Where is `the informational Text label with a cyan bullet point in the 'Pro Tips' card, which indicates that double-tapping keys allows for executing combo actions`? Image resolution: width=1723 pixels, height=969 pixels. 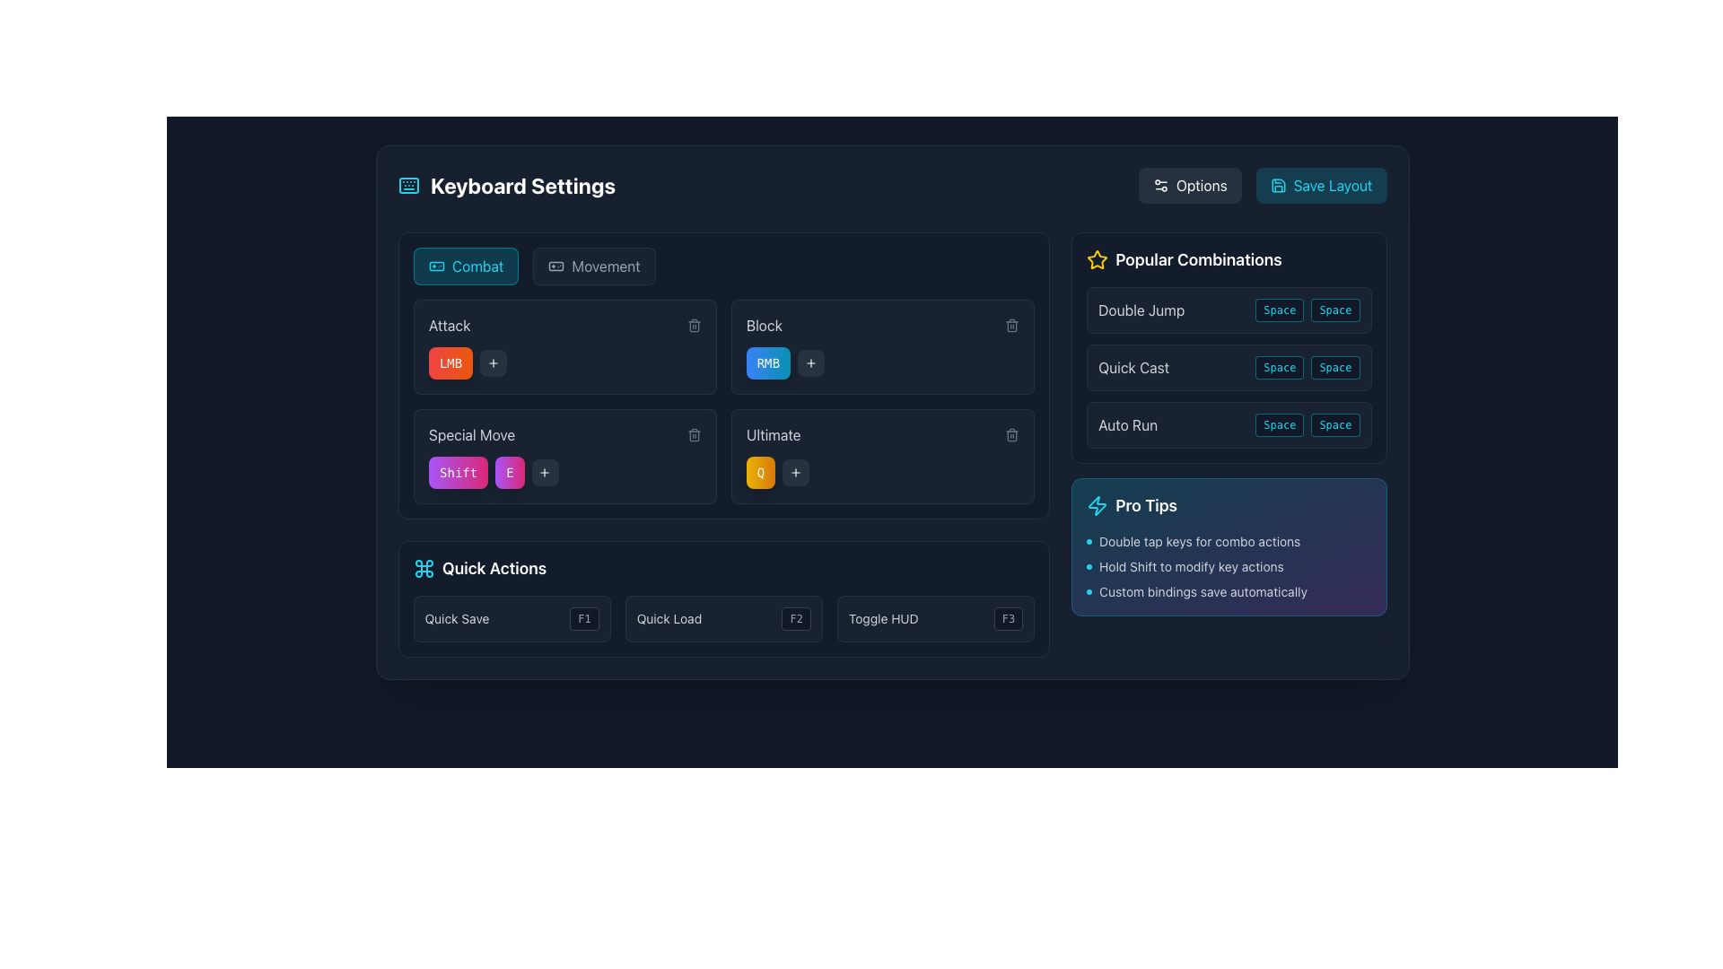
the informational Text label with a cyan bullet point in the 'Pro Tips' card, which indicates that double-tapping keys allows for executing combo actions is located at coordinates (1228, 541).